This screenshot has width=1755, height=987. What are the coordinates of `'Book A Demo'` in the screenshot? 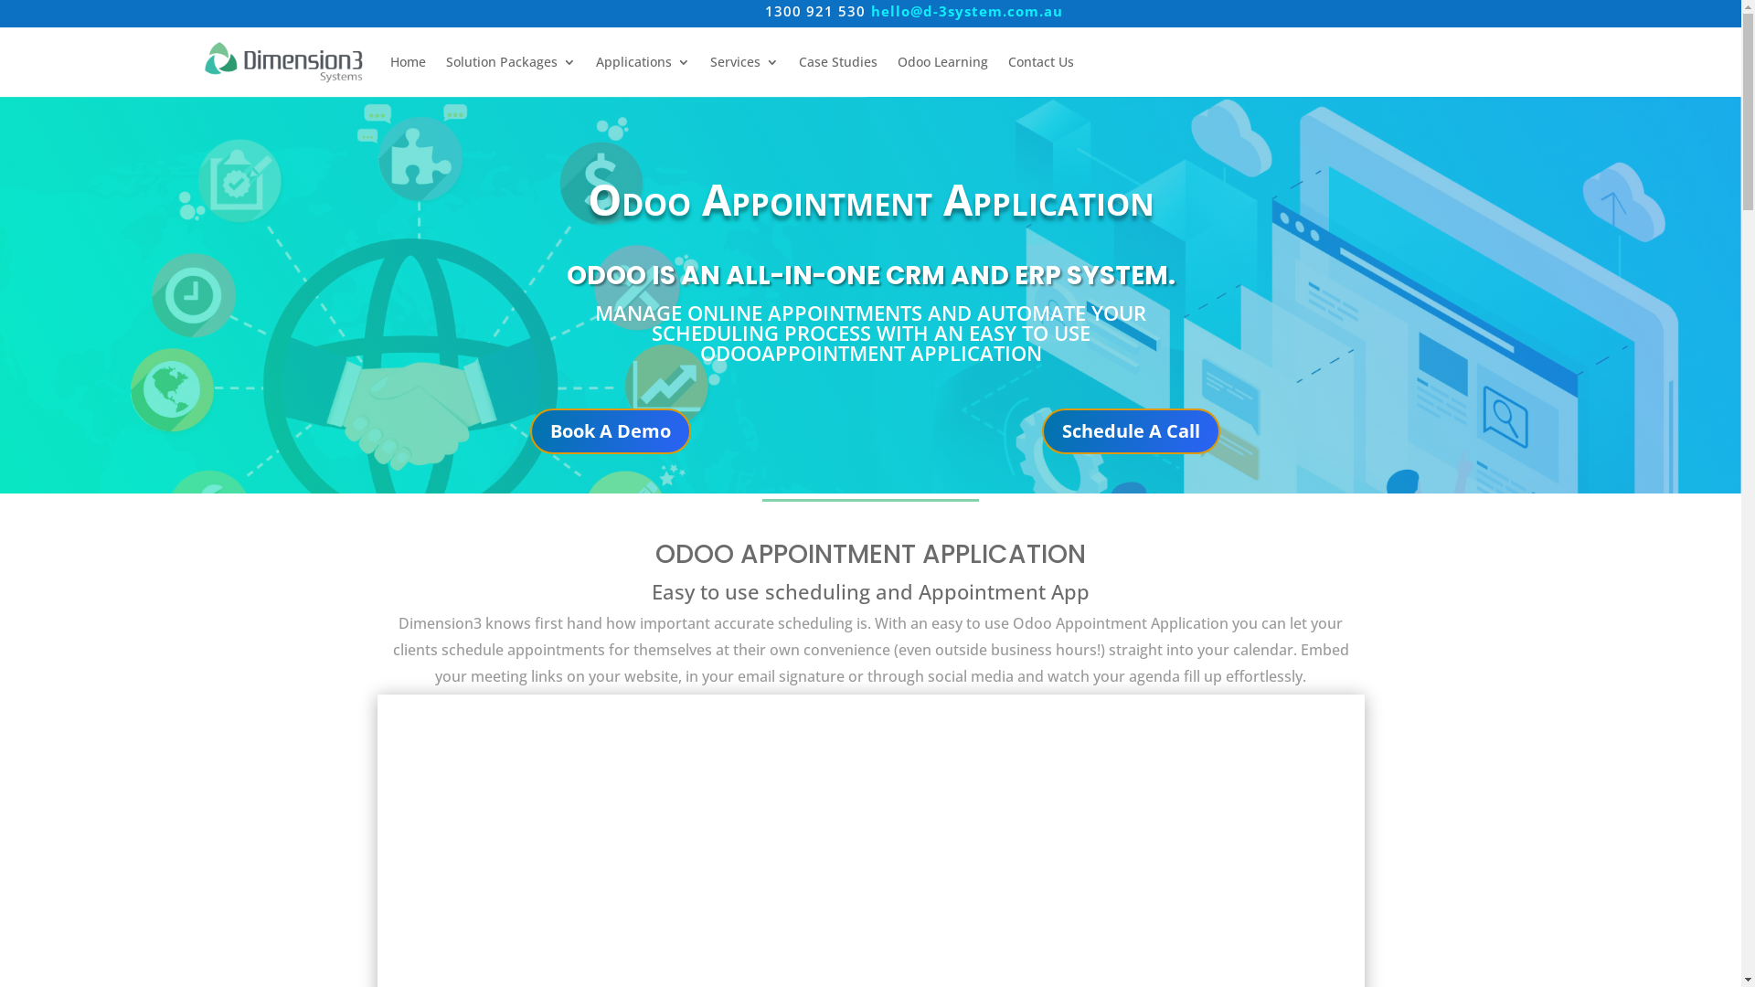 It's located at (610, 430).